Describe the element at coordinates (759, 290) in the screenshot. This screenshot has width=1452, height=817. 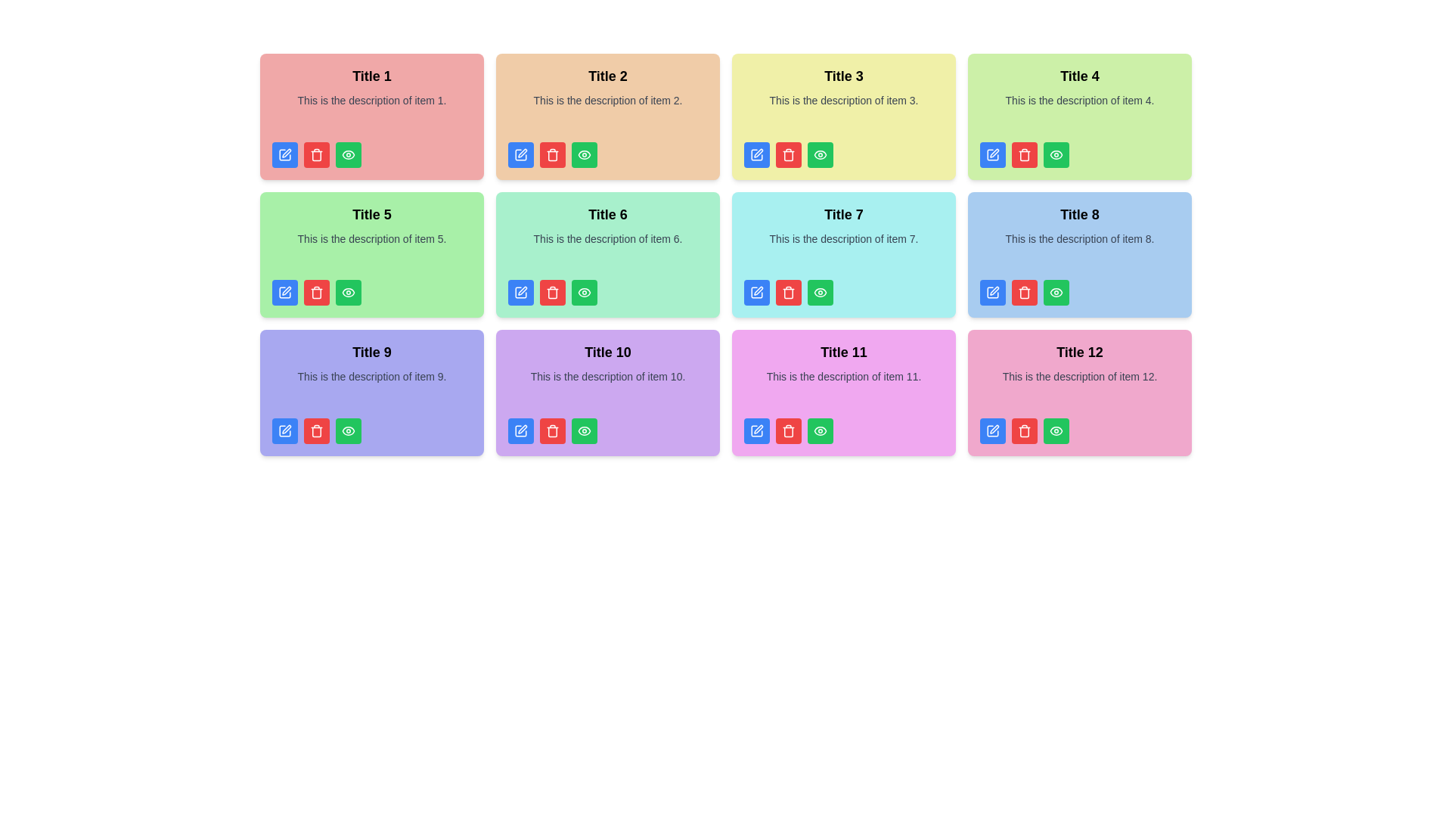
I see `the leftmost action icon, a small vector graphic resembling a pen, located in the bottom left of each item card` at that location.